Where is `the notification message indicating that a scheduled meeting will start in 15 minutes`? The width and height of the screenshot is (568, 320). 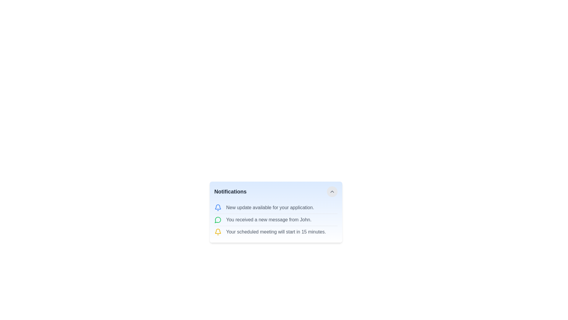 the notification message indicating that a scheduled meeting will start in 15 minutes is located at coordinates (275, 228).